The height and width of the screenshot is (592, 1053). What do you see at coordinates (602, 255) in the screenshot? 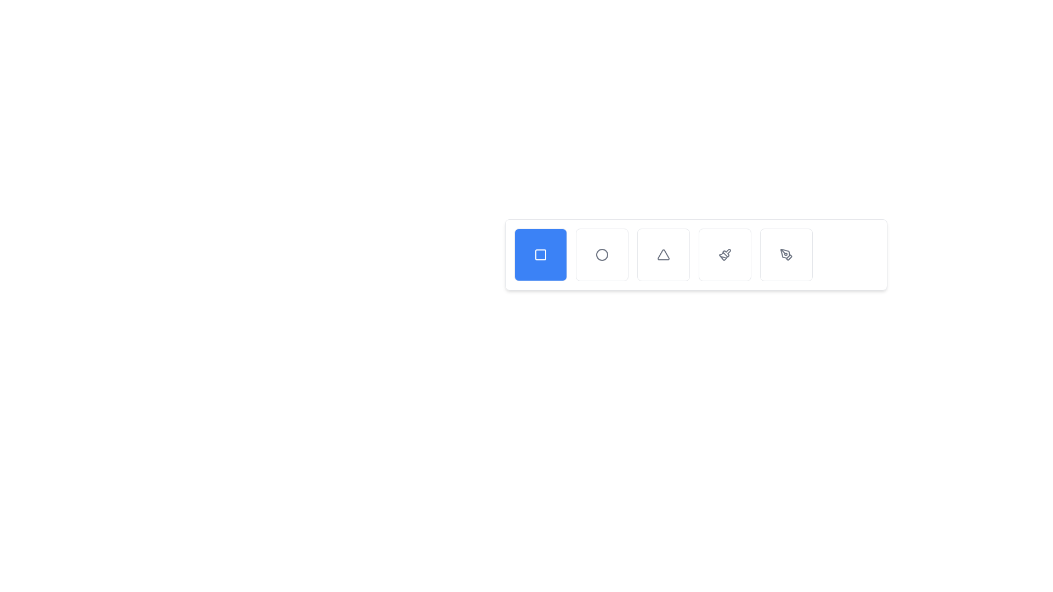
I see `keyboard navigation` at bounding box center [602, 255].